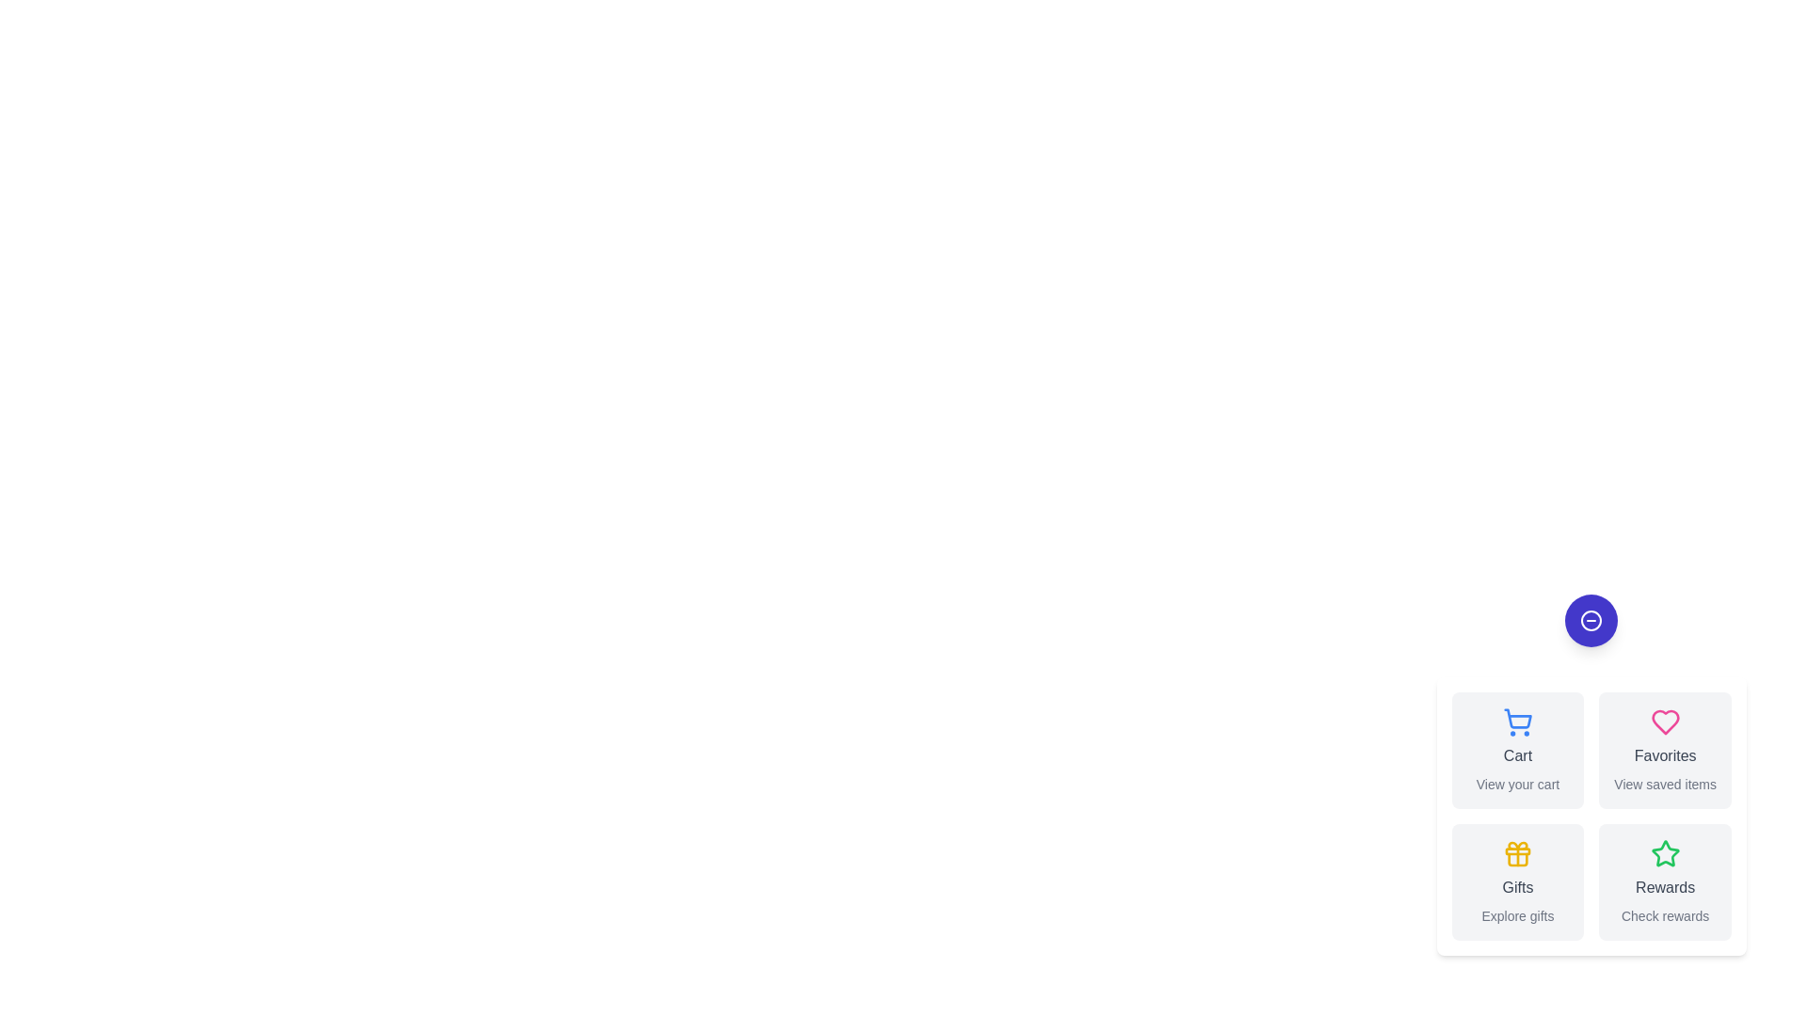 The width and height of the screenshot is (1807, 1016). What do you see at coordinates (1517, 881) in the screenshot?
I see `the 'Gifts' button to select it` at bounding box center [1517, 881].